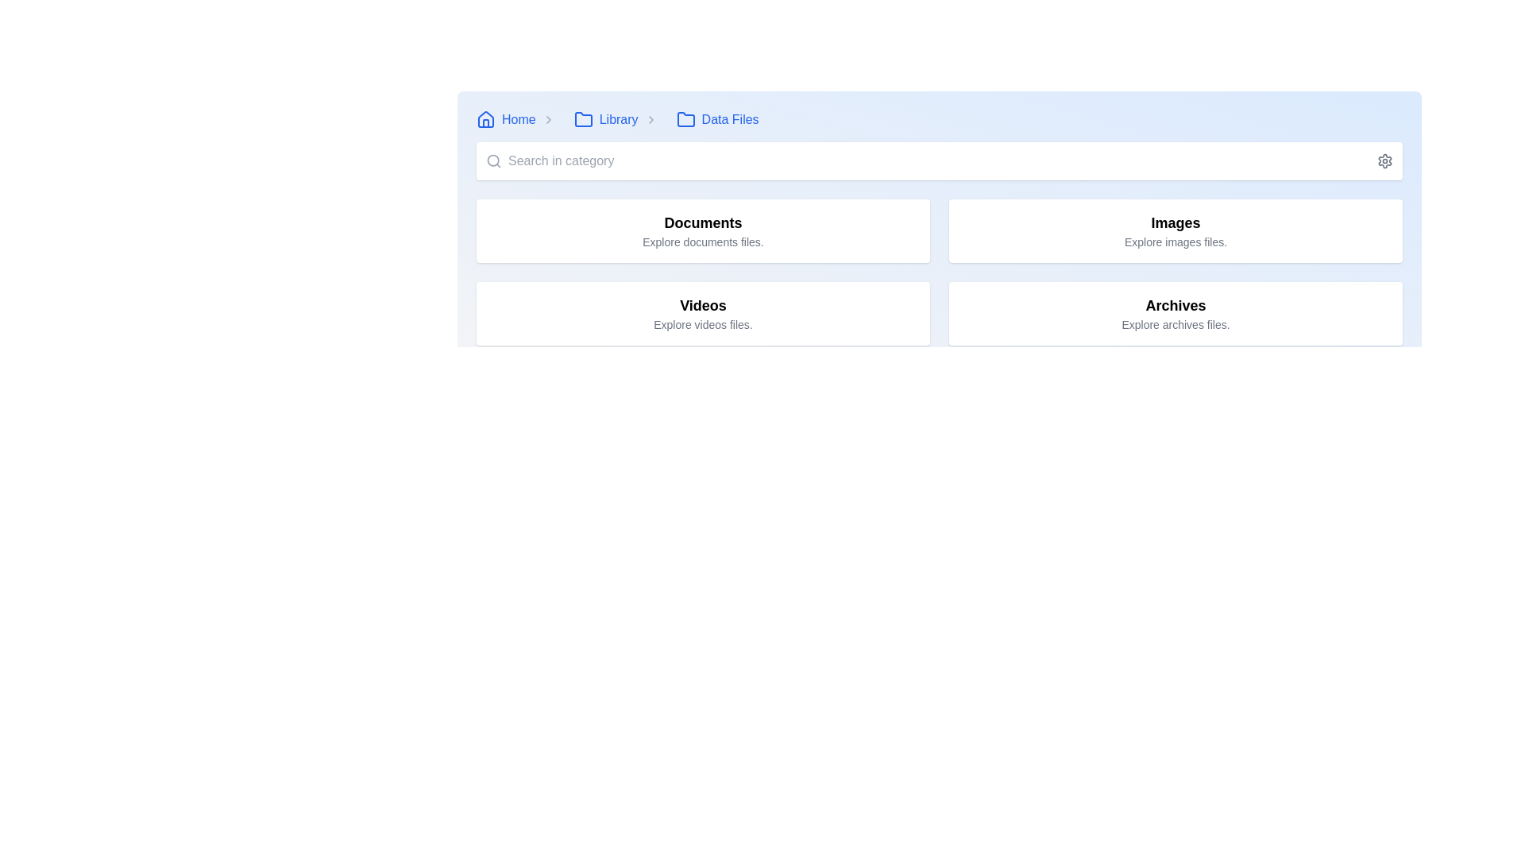  Describe the element at coordinates (505, 118) in the screenshot. I see `the hyperlink in the breadcrumb navigation` at that location.